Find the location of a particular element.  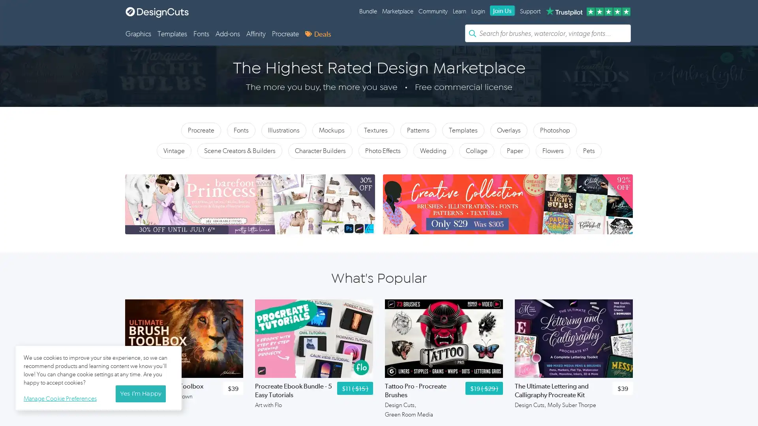

Yes Im Happy is located at coordinates (140, 394).